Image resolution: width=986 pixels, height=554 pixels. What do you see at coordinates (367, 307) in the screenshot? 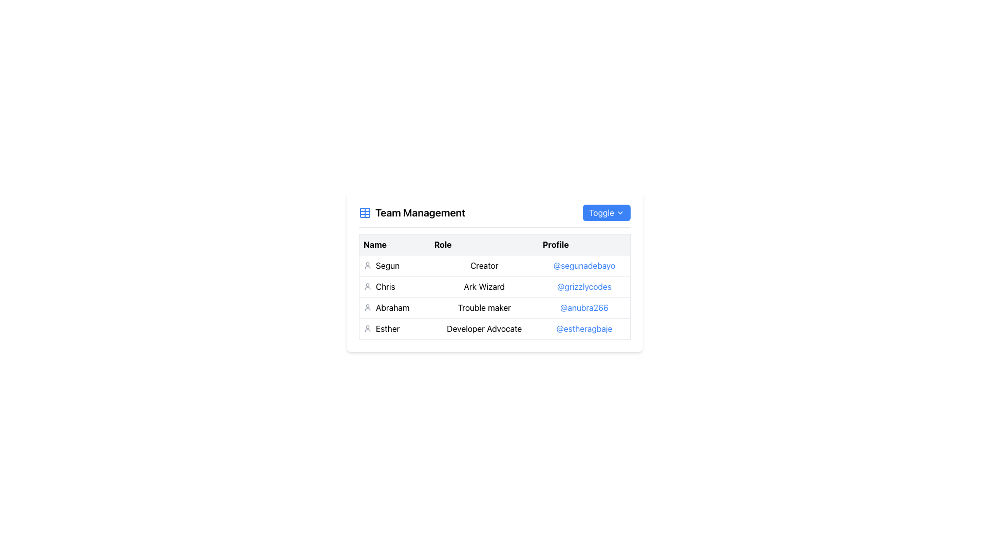
I see `the user icon associated with the entry for 'Abraham' in the 'Name' column of the table` at bounding box center [367, 307].